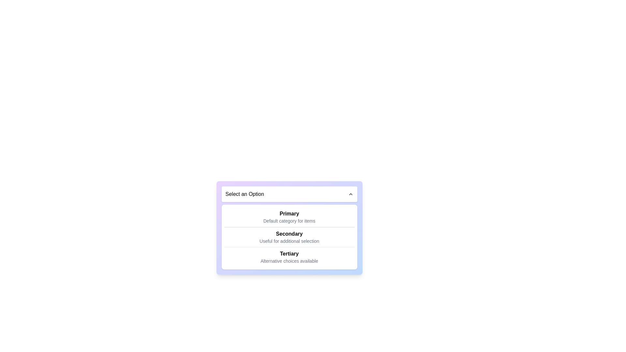 This screenshot has height=352, width=626. I want to click on the dropdown selector labeled 'Select an Option', so click(289, 194).